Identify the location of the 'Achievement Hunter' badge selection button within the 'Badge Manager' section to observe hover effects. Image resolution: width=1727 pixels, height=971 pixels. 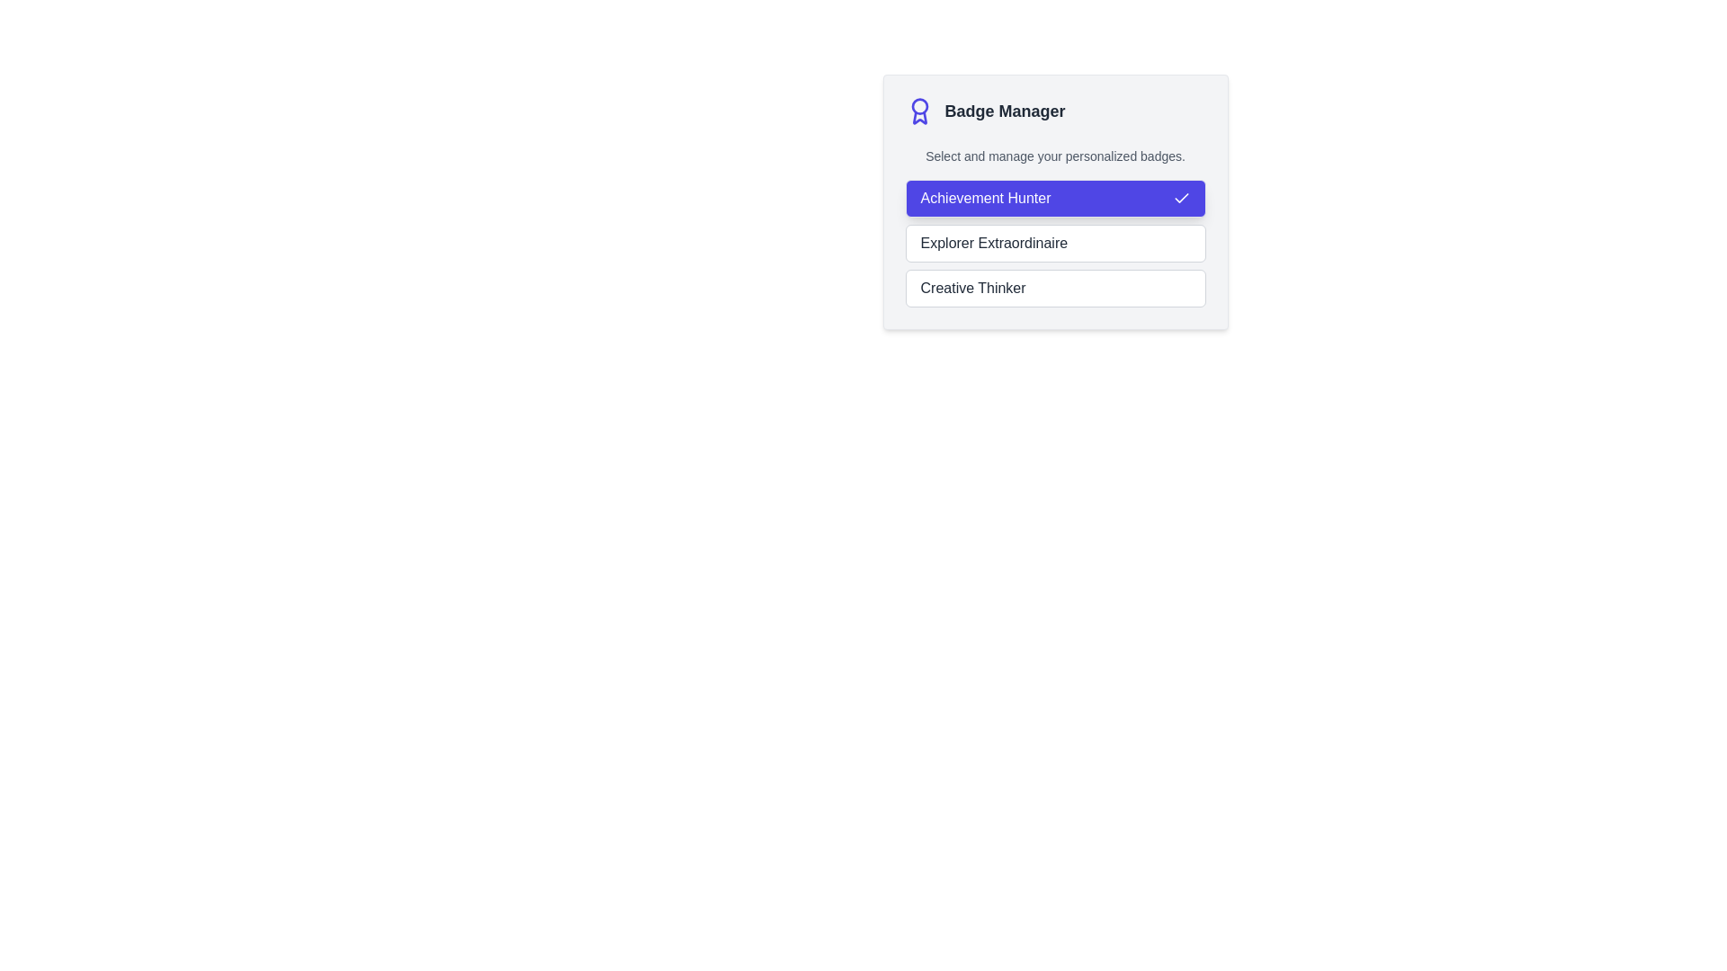
(1055, 198).